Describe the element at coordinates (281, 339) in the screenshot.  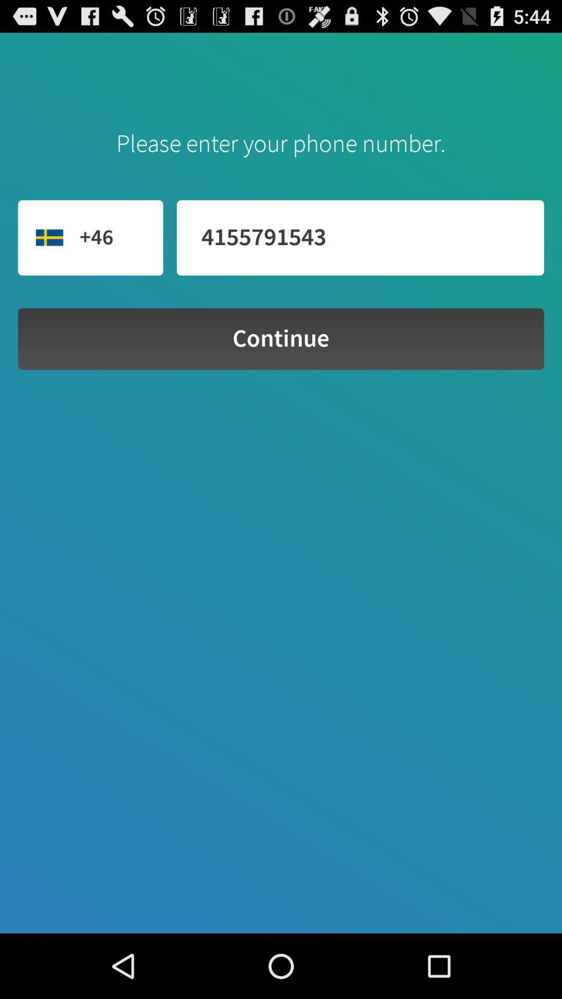
I see `the item below the 4155791543 icon` at that location.